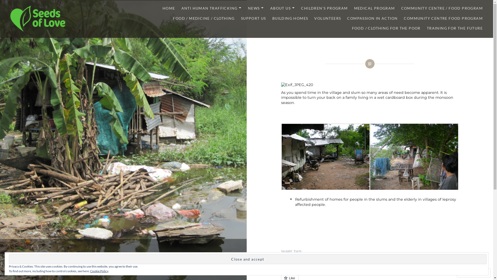  Describe the element at coordinates (272, 18) in the screenshot. I see `'BUILDING HOMES'` at that location.